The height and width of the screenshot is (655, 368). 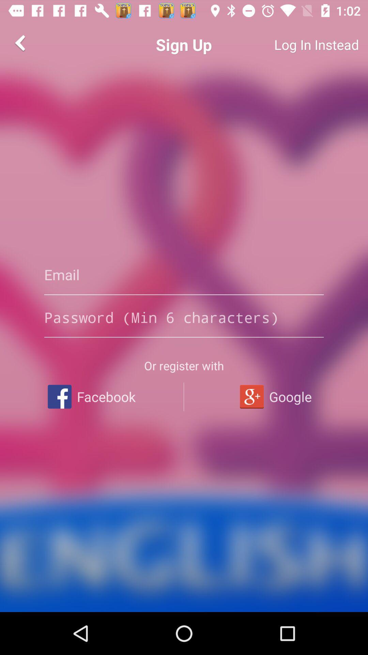 What do you see at coordinates (291, 44) in the screenshot?
I see `the item to the right of sign up icon` at bounding box center [291, 44].